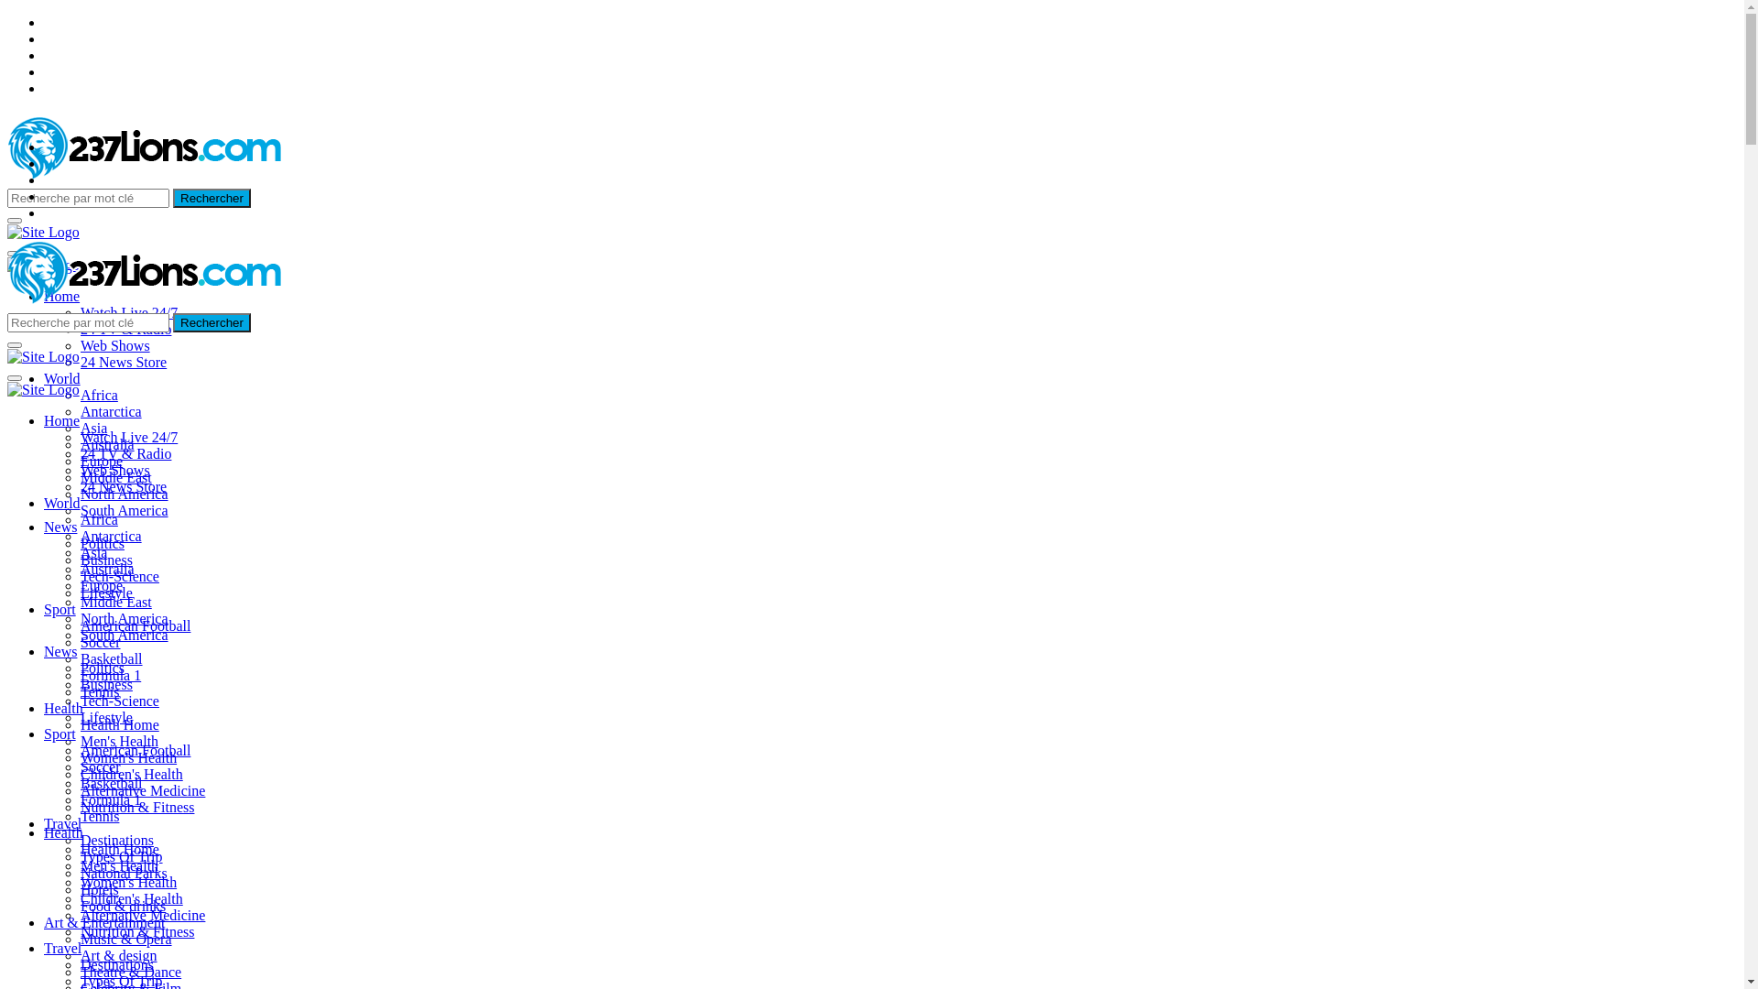  Describe the element at coordinates (61, 503) in the screenshot. I see `'World'` at that location.